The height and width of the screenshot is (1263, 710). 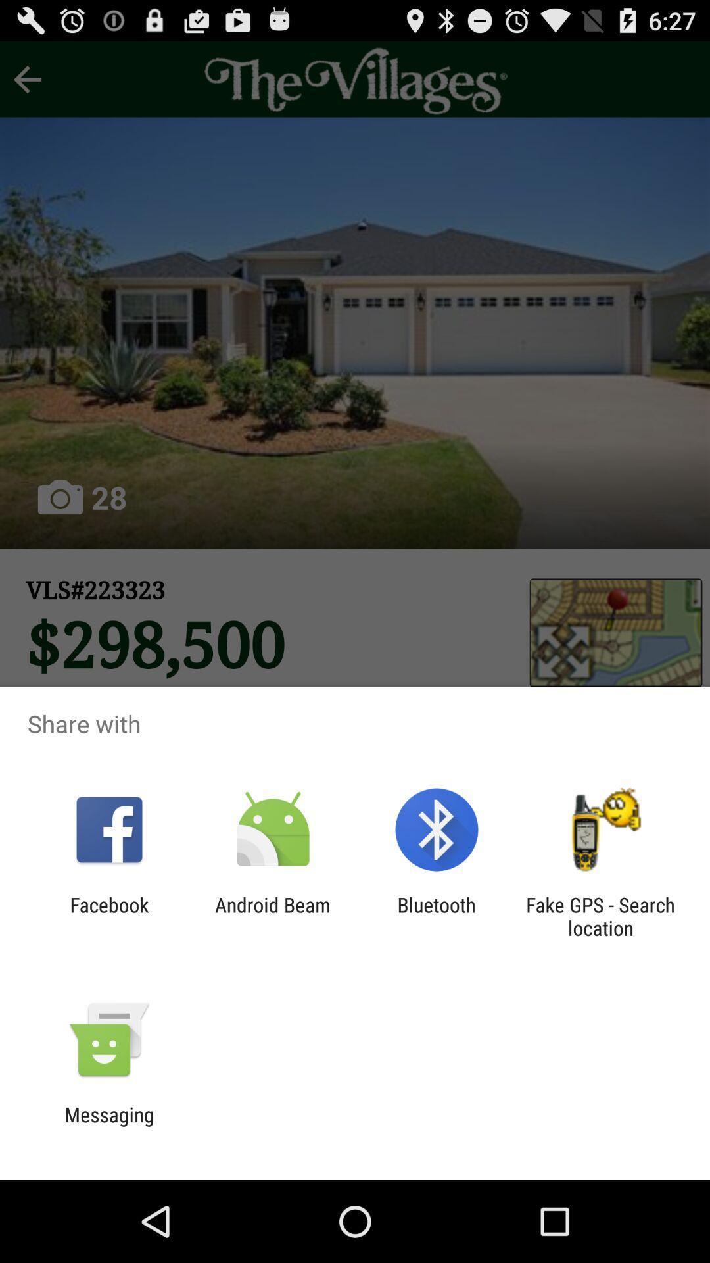 I want to click on bluetooth app, so click(x=437, y=916).